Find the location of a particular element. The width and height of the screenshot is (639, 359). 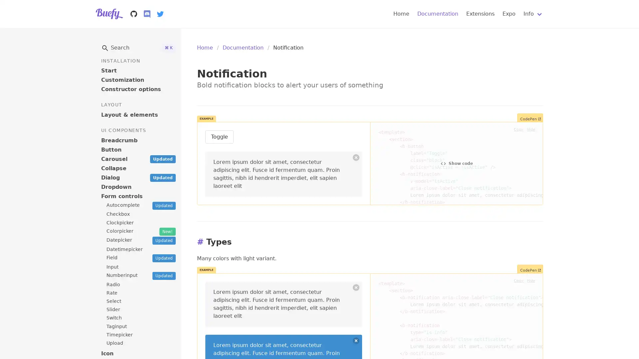

CodePen is located at coordinates (530, 117).